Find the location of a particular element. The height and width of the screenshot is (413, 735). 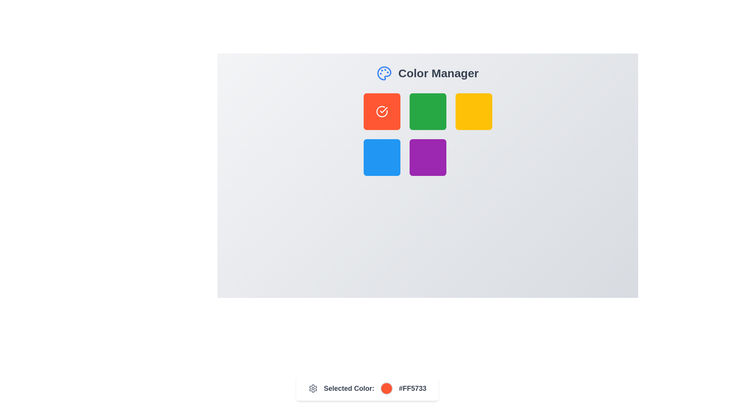

the clickable blue square button with rounded corners located in the first position of the second row of the grid layout is located at coordinates (382, 157).